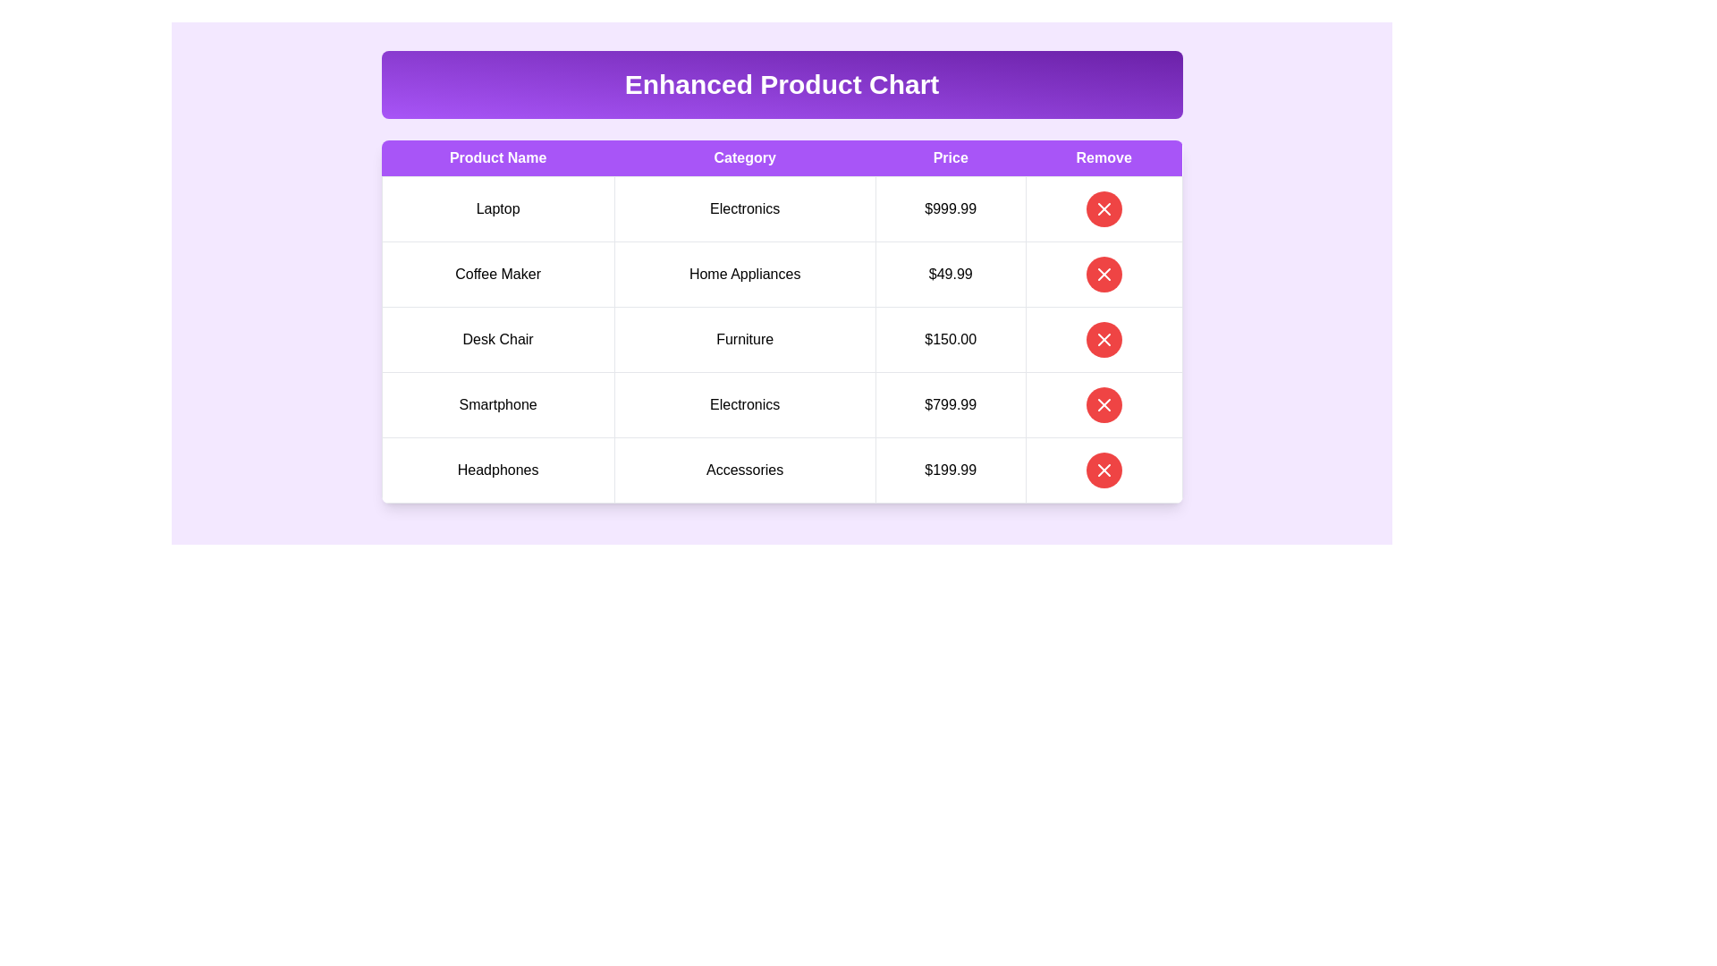 Image resolution: width=1717 pixels, height=966 pixels. I want to click on the table row that provides detailed information about the 'Desk Chair' product, including its name, category, and price, so click(782, 340).